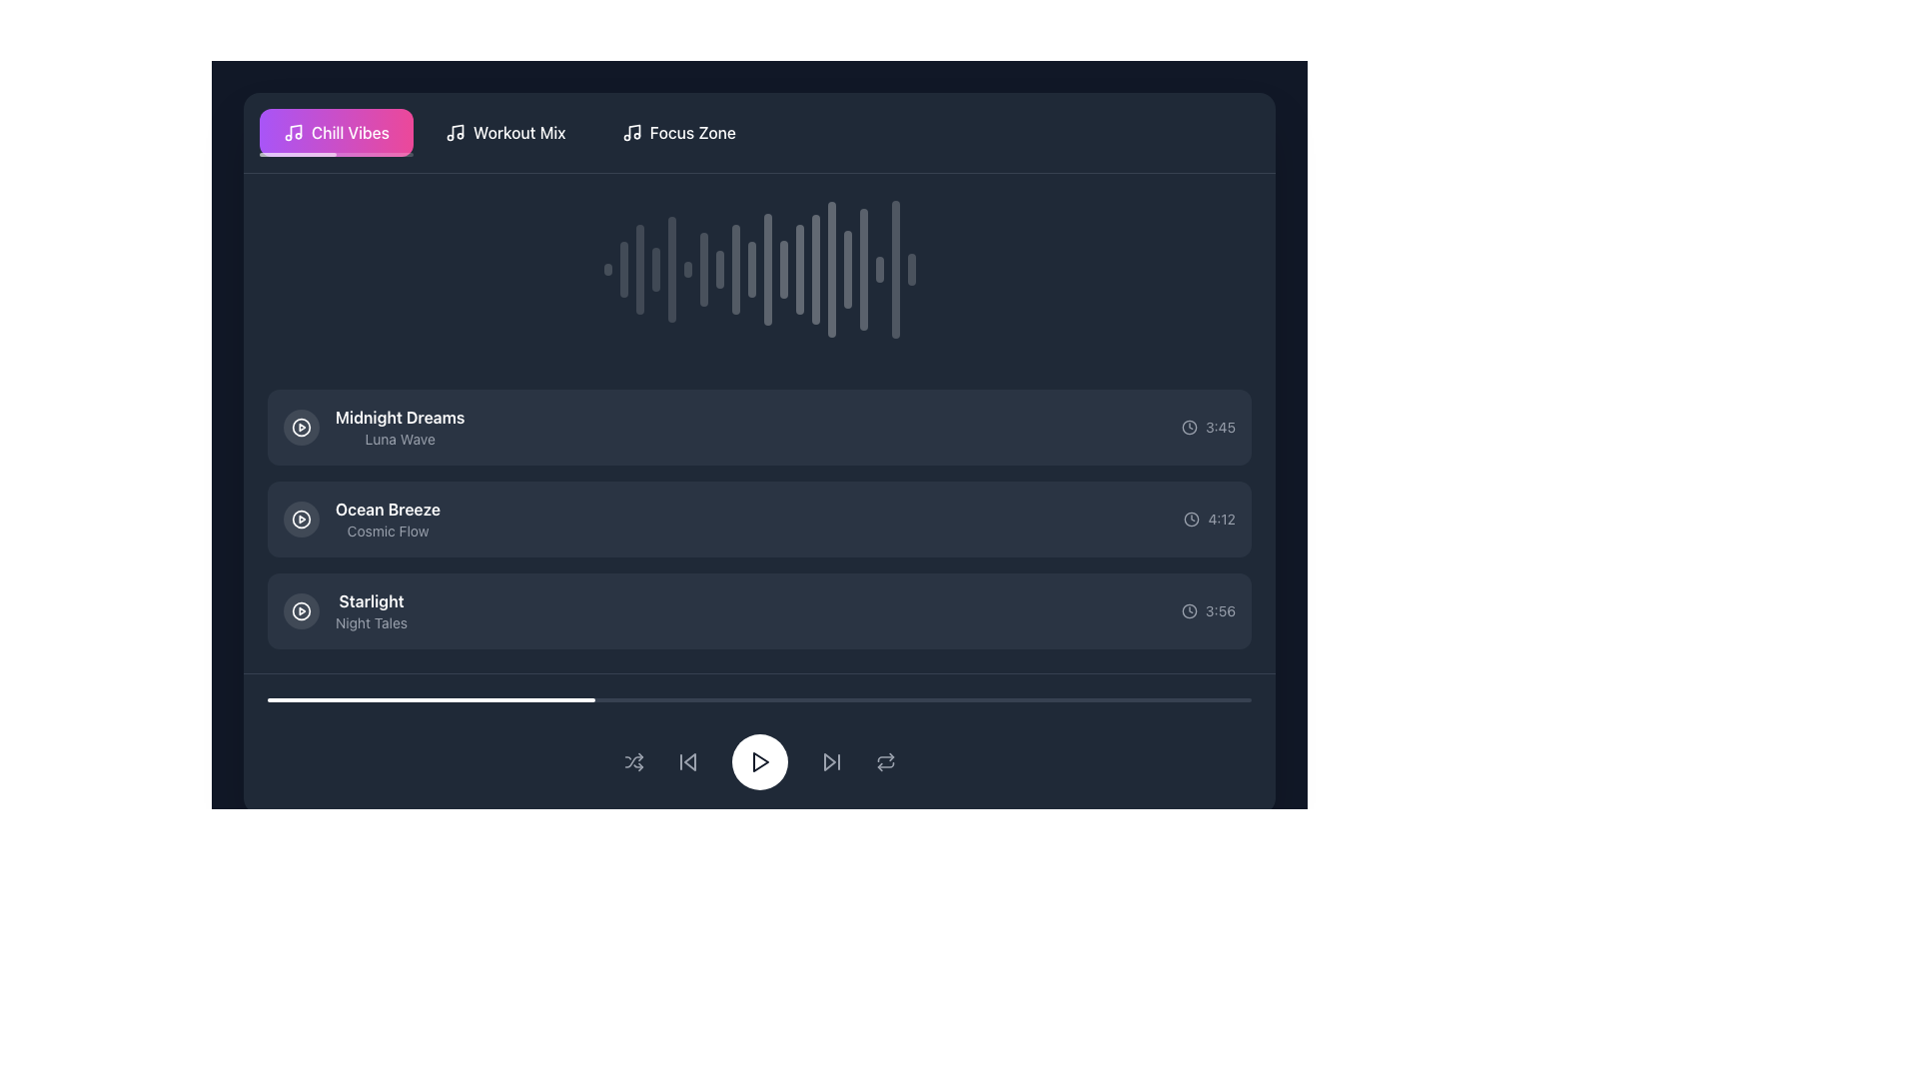  What do you see at coordinates (372, 610) in the screenshot?
I see `the Text Display featuring 'Starlight' in bold and 'Night Tales' in a lighter font, which is the third item in the song titles list, centrally aligned in a dark-themed interface` at bounding box center [372, 610].